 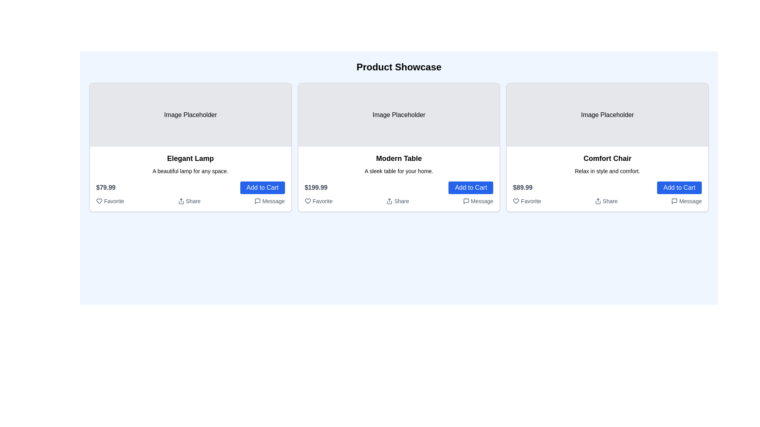 I want to click on the messaging icon located beside the 'Message' label on the second card in the product showcase list to initiate a messaging action, so click(x=466, y=201).